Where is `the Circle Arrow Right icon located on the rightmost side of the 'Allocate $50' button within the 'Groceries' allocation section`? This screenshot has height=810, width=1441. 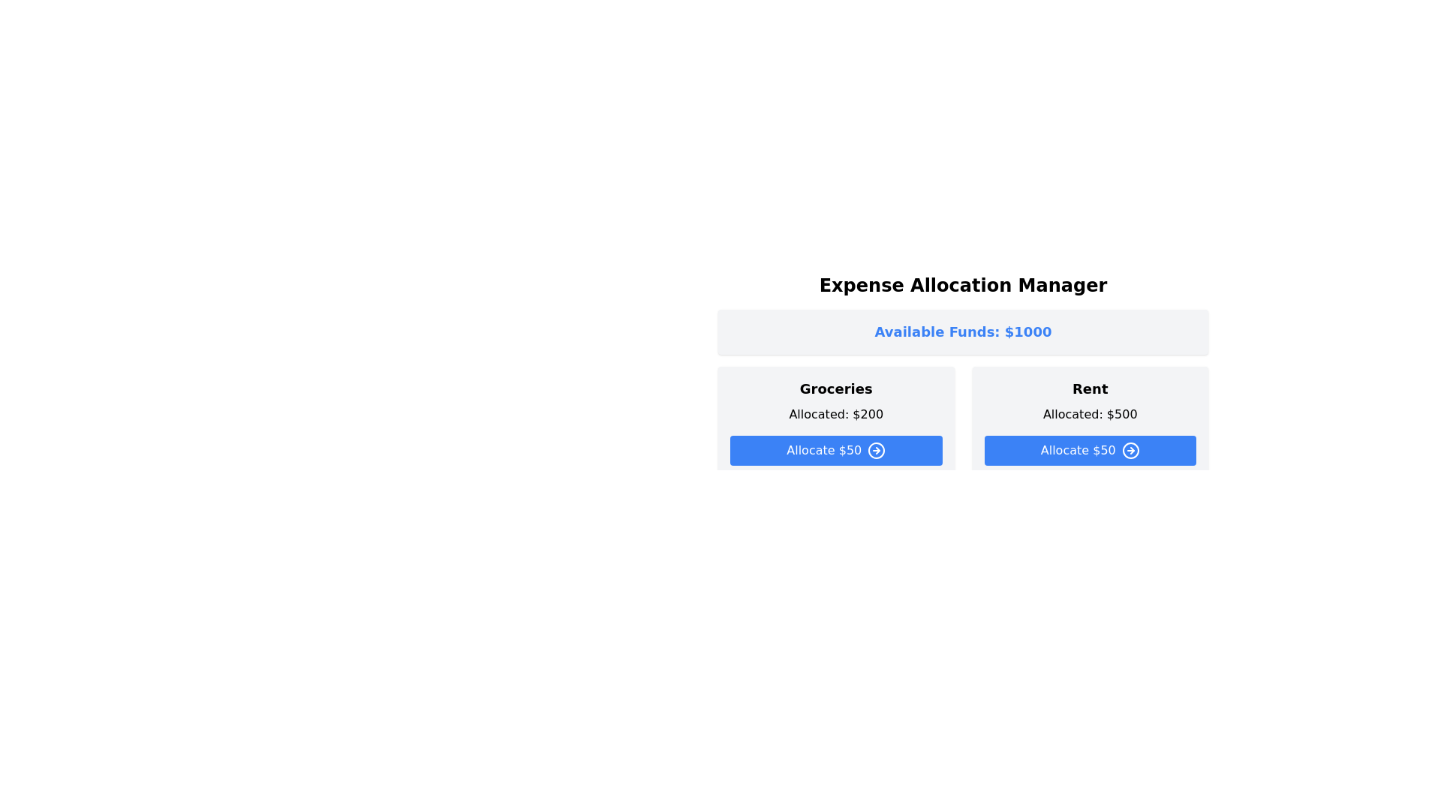
the Circle Arrow Right icon located on the rightmost side of the 'Allocate $50' button within the 'Groceries' allocation section is located at coordinates (877, 450).